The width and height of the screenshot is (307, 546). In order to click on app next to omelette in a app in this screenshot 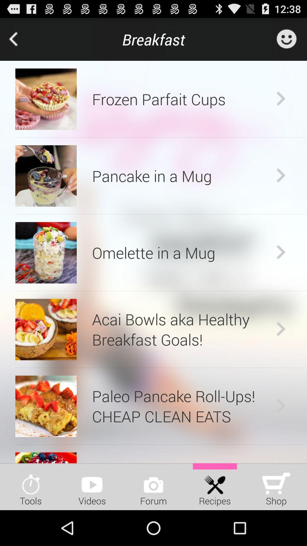, I will do `click(46, 252)`.